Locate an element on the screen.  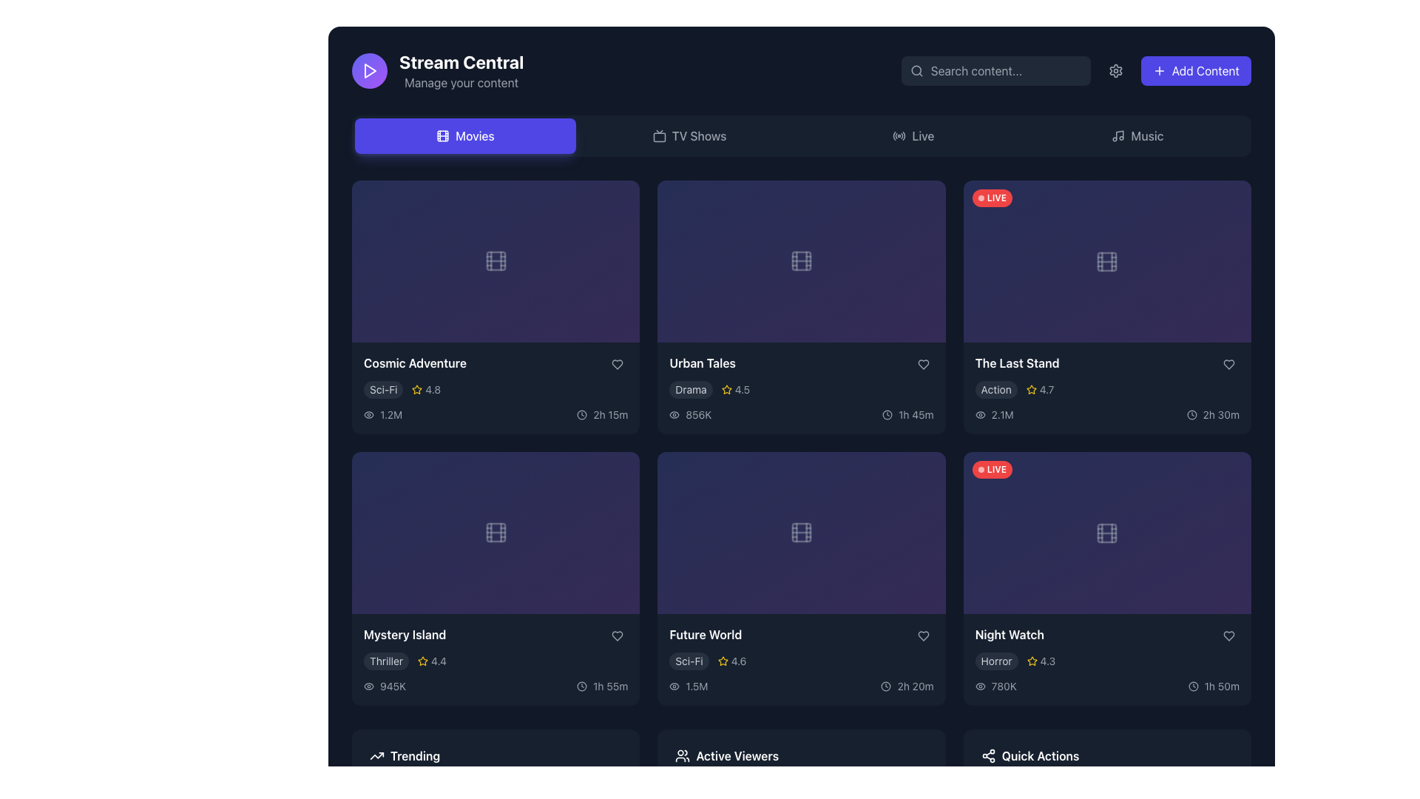
neighboring star icon next to the numeric rating '4.6' displayed in soft gray color on the content card titled 'Future World' is located at coordinates (731, 661).